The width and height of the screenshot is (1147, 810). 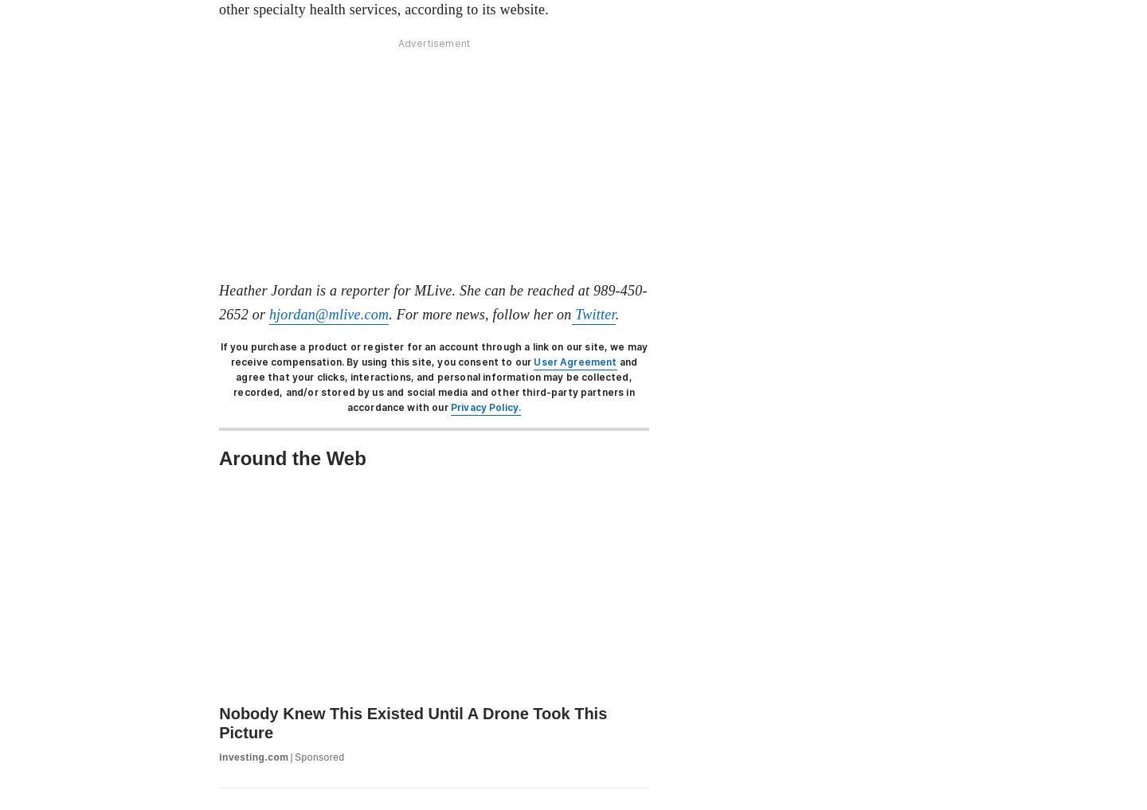 What do you see at coordinates (484, 407) in the screenshot?
I see `'Privacy Policy.'` at bounding box center [484, 407].